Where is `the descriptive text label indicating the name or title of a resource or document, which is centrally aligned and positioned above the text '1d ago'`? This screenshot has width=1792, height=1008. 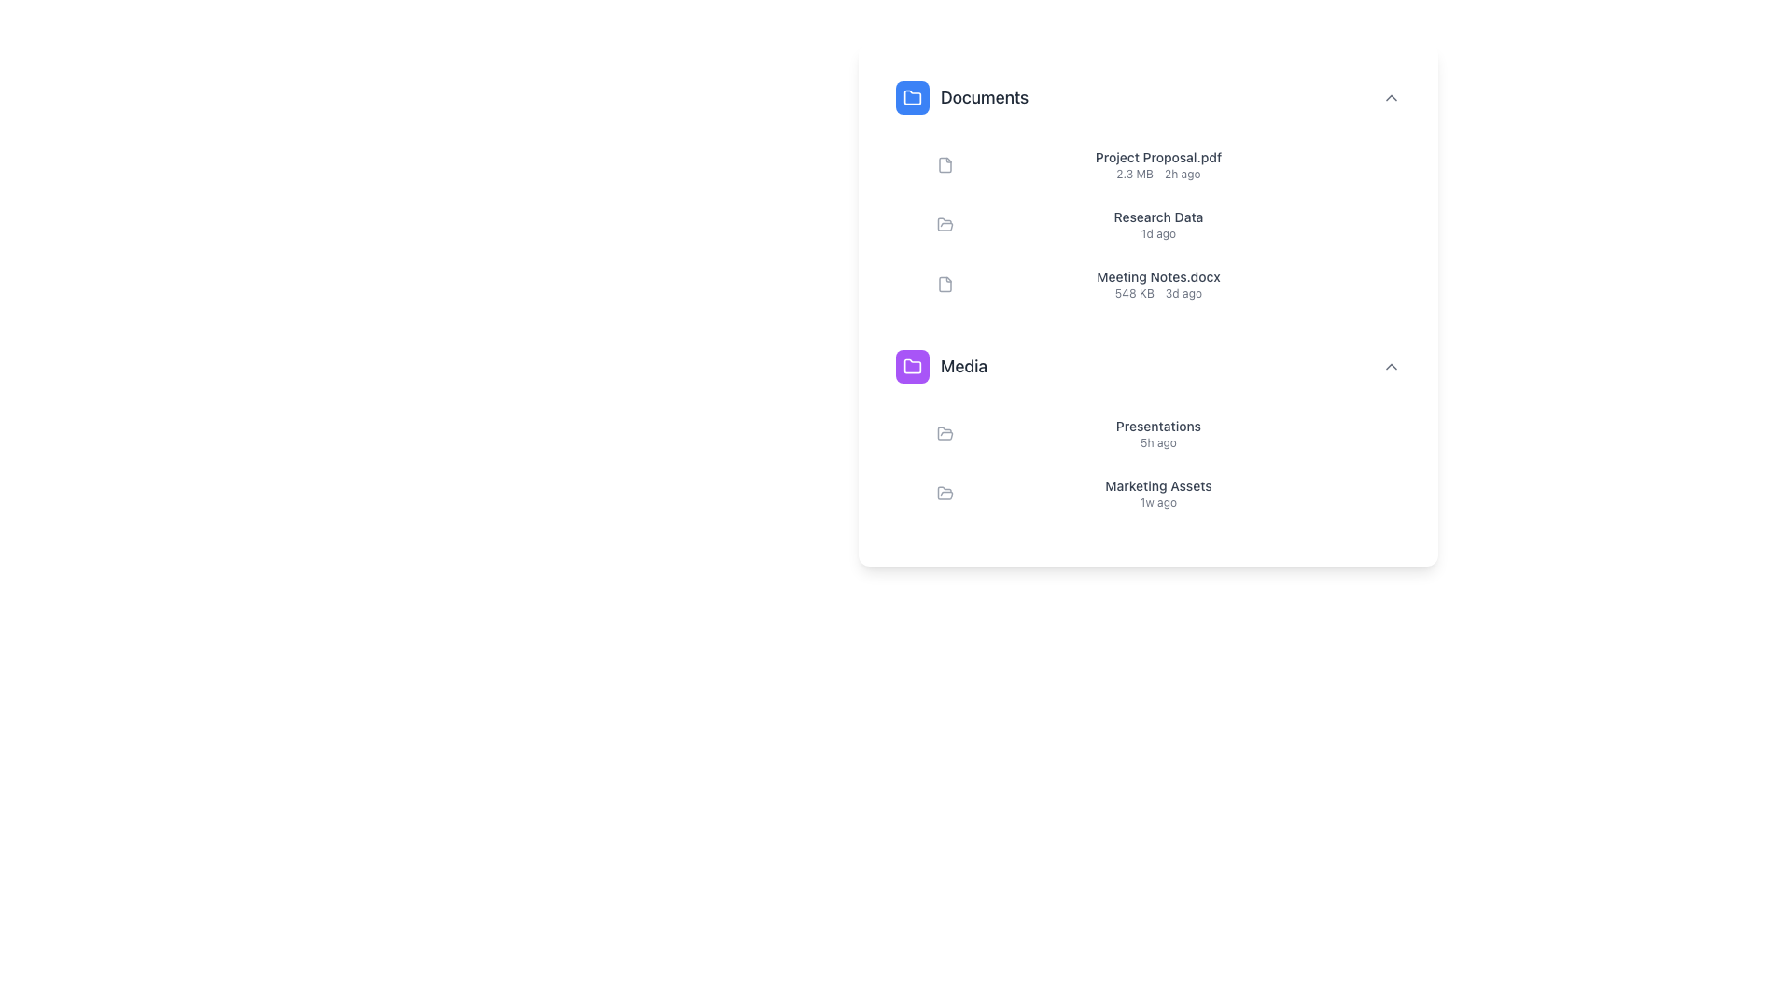
the descriptive text label indicating the name or title of a resource or document, which is centrally aligned and positioned above the text '1d ago' is located at coordinates (1157, 216).